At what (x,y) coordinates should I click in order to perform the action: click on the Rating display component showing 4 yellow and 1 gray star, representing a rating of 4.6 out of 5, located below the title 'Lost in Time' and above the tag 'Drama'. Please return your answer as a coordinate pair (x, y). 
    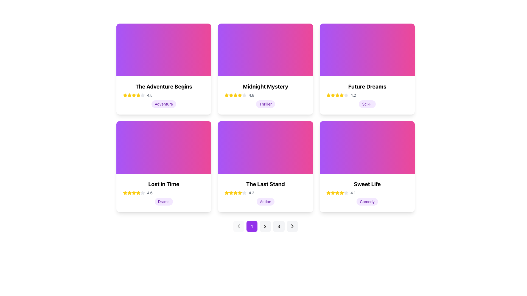
    Looking at the image, I should click on (163, 193).